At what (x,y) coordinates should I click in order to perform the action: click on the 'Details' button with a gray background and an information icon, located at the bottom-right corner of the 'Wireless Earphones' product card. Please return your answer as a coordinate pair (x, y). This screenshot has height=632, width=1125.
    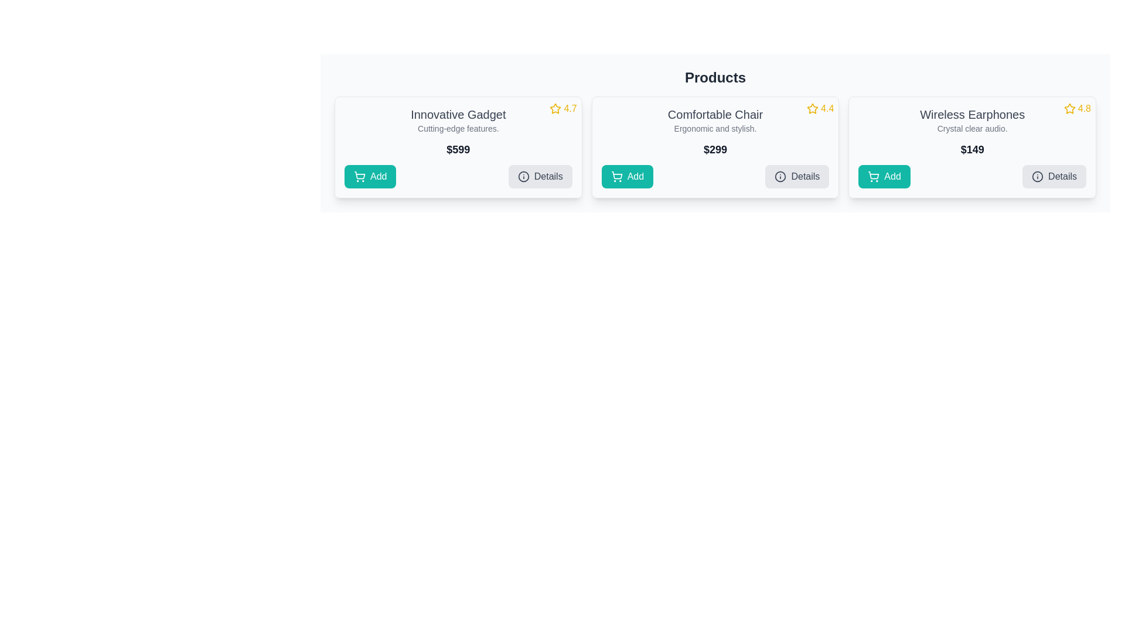
    Looking at the image, I should click on (1054, 176).